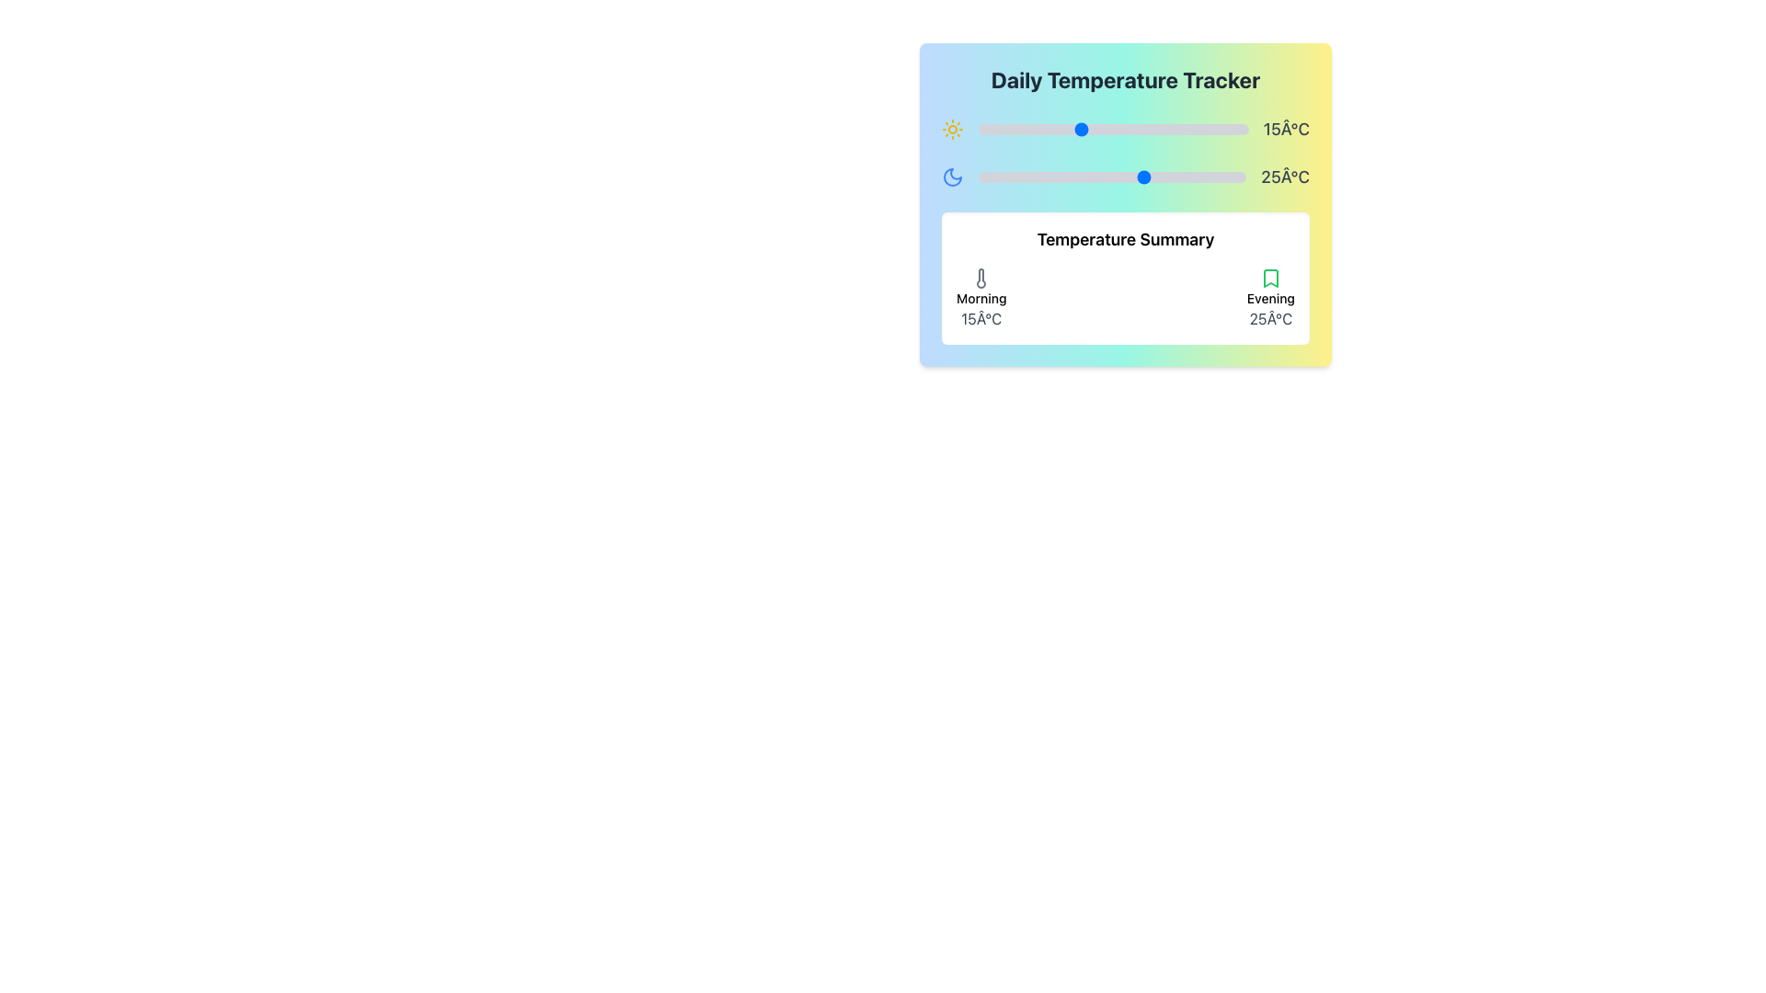 The height and width of the screenshot is (993, 1766). I want to click on the thermometer icon representing the morning temperature in the 'Temperature Summary' section of the user interface, so click(980, 279).